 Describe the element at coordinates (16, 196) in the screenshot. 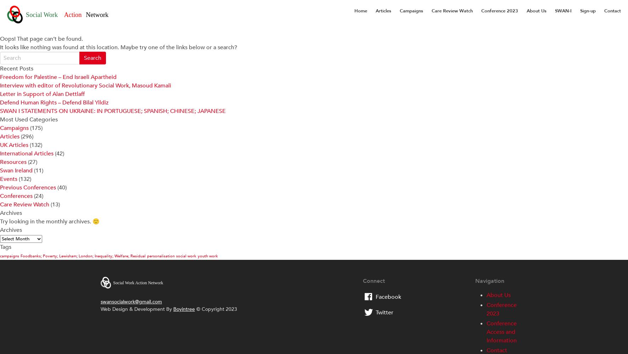

I see `'Conferences'` at that location.